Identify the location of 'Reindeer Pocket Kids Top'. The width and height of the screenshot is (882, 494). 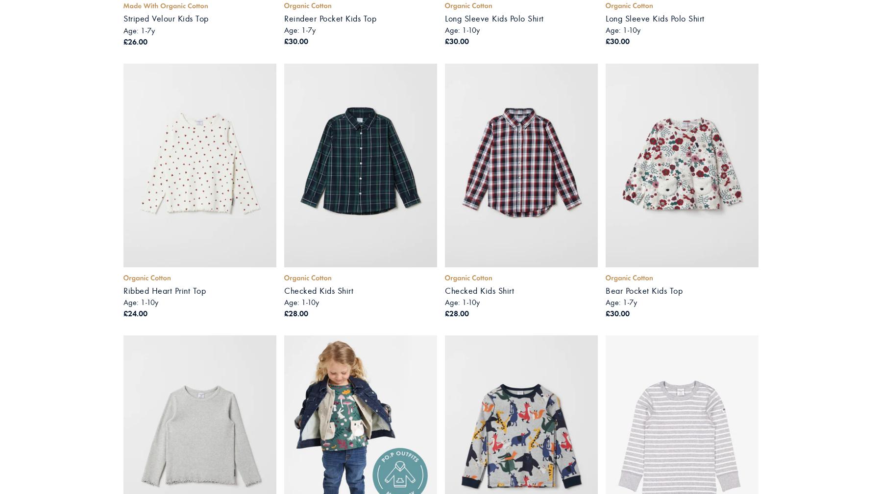
(330, 18).